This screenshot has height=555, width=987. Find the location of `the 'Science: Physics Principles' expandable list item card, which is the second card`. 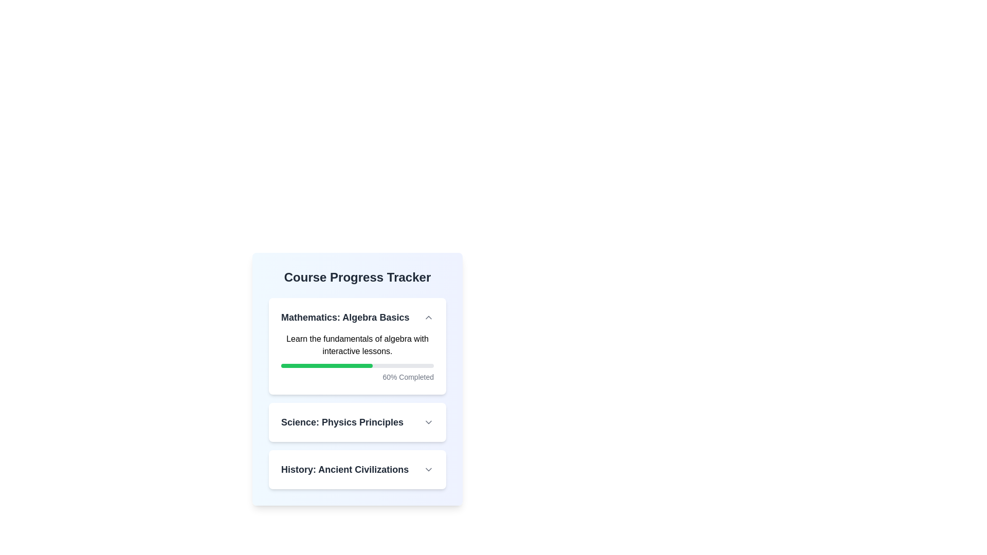

the 'Science: Physics Principles' expandable list item card, which is the second card is located at coordinates (357, 422).